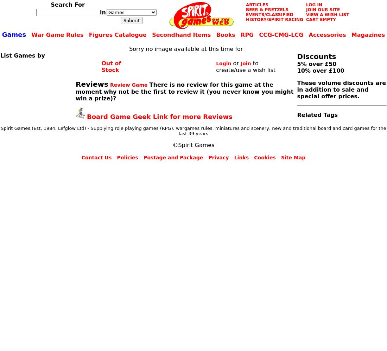 Image resolution: width=387 pixels, height=351 pixels. What do you see at coordinates (96, 157) in the screenshot?
I see `'Contact Us'` at bounding box center [96, 157].